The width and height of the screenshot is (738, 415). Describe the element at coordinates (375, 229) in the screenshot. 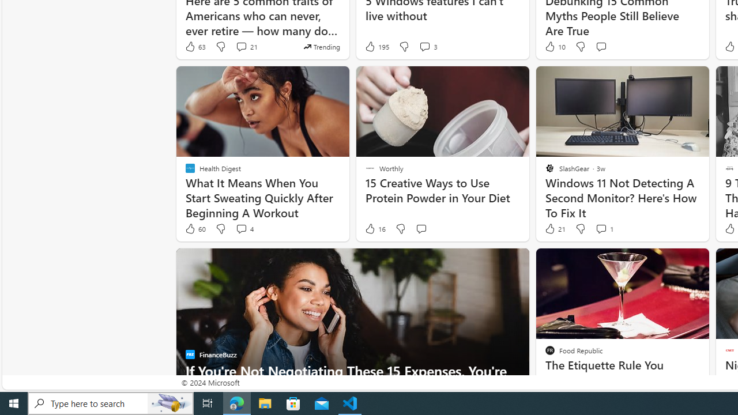

I see `'16 Like'` at that location.